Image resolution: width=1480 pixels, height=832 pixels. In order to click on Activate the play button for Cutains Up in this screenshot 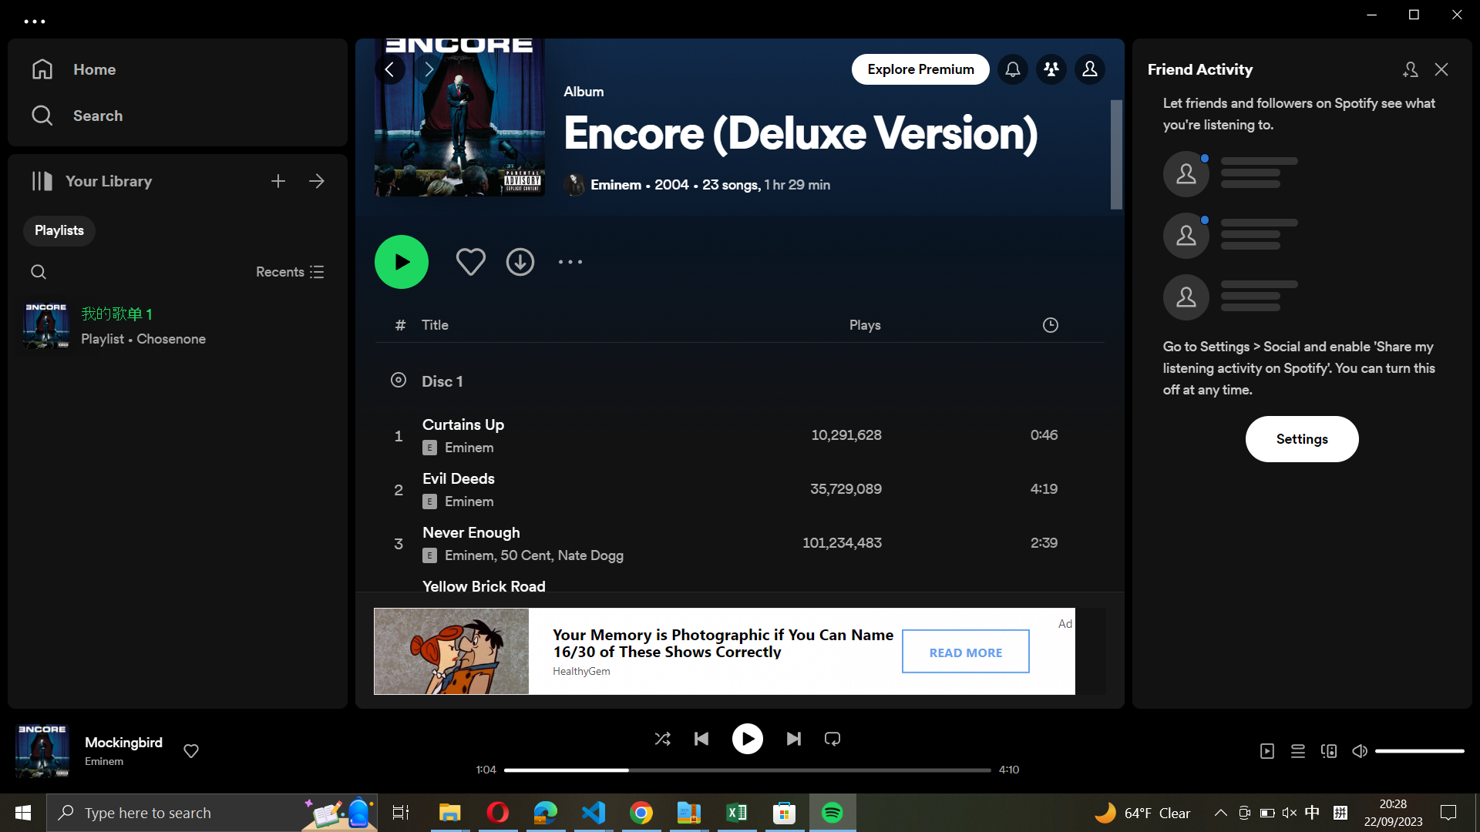, I will do `click(736, 434)`.